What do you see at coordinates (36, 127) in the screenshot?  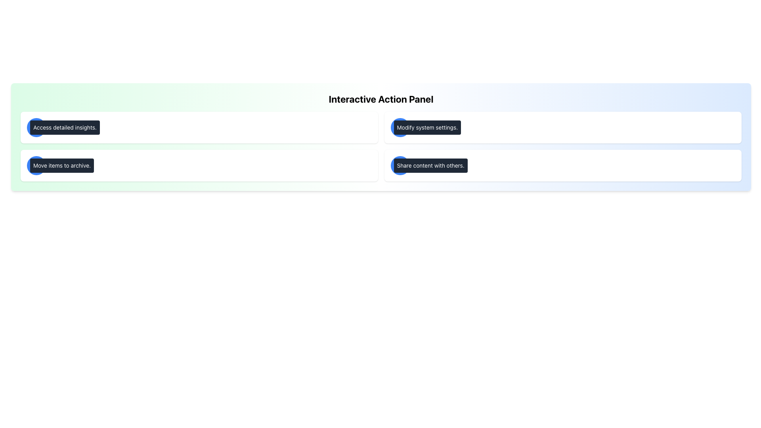 I see `the informational indicator icon located at the top-left quadrant of the interface, positioned above the 'Move items to archive' icon and to the left of additional interactive options` at bounding box center [36, 127].